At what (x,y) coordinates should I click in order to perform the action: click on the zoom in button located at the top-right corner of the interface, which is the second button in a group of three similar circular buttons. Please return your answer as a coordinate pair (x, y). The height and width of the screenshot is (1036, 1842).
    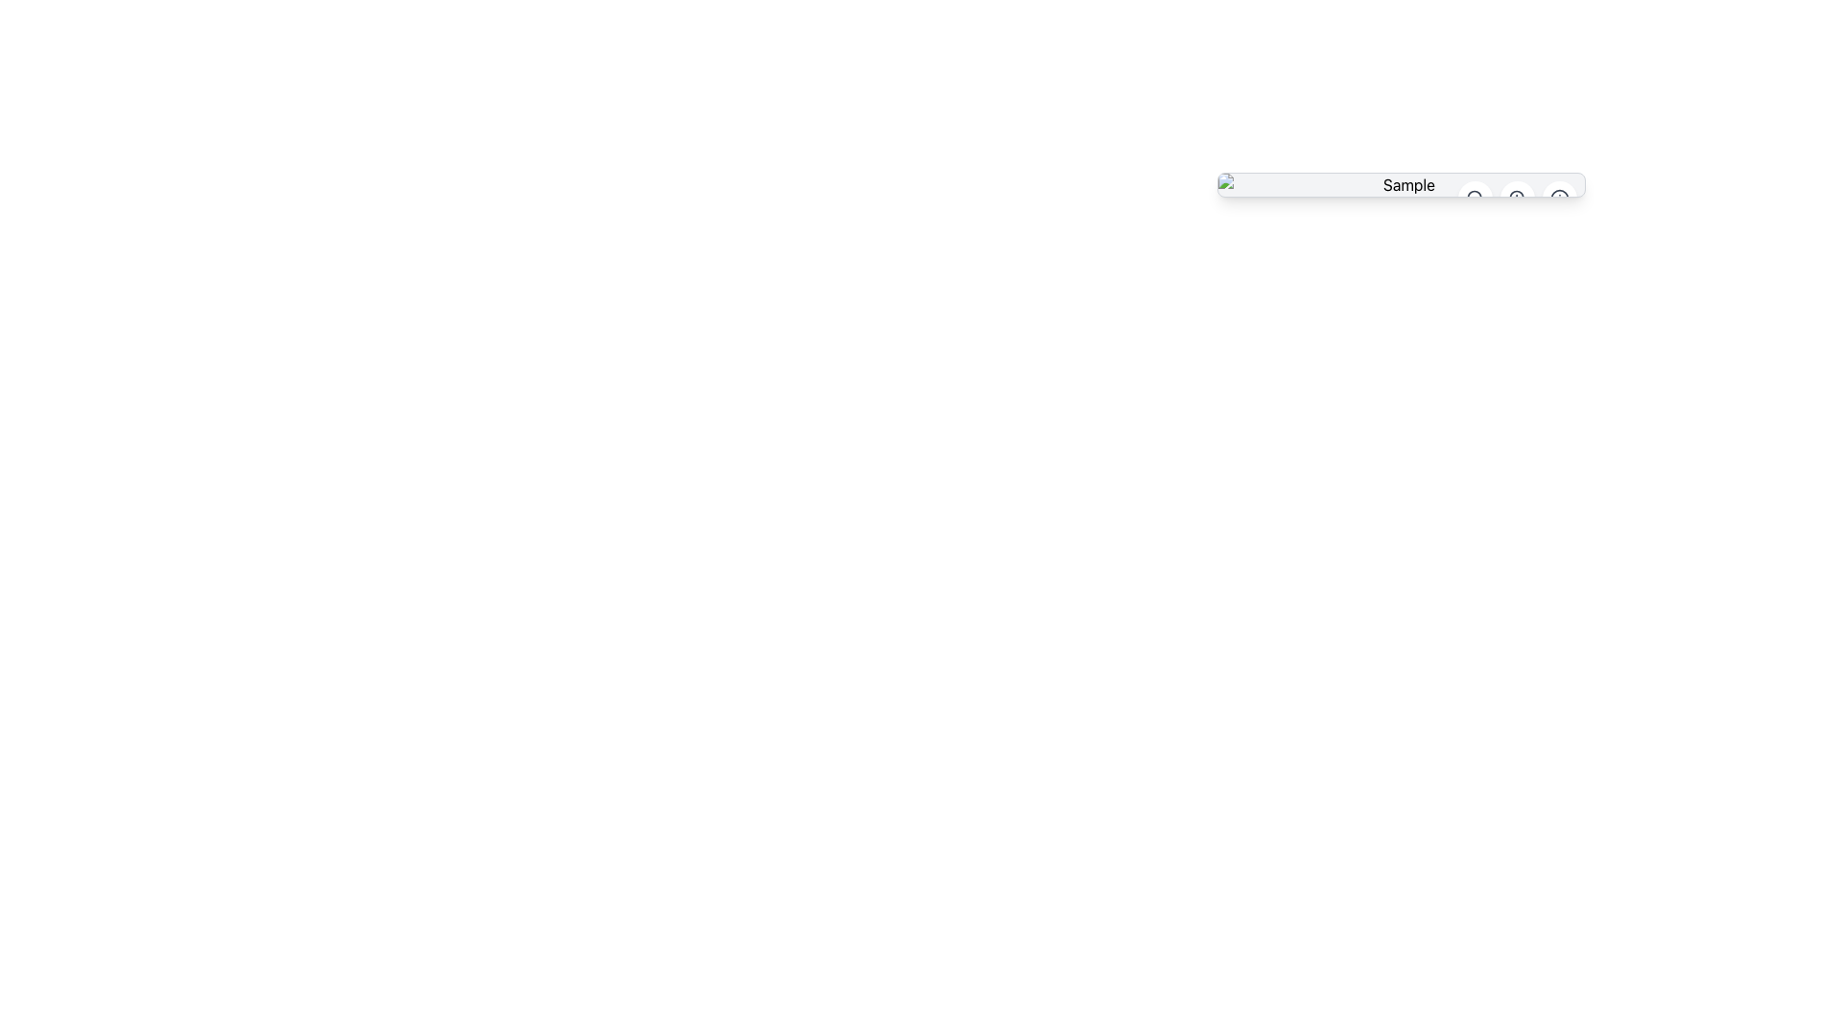
    Looking at the image, I should click on (1517, 199).